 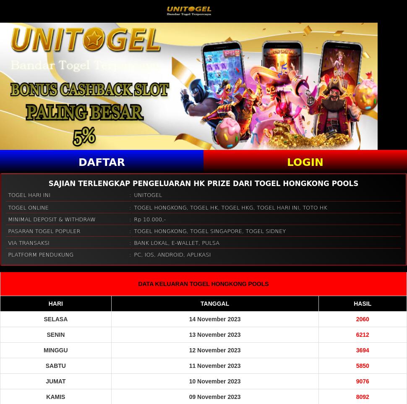 What do you see at coordinates (28, 207) in the screenshot?
I see `'TOGEL ONLINE'` at bounding box center [28, 207].